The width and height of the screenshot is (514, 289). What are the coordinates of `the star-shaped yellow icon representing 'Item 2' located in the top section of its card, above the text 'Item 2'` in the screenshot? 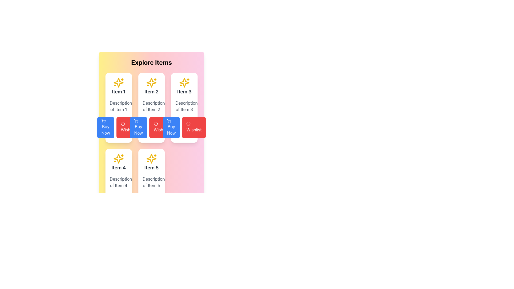 It's located at (151, 82).